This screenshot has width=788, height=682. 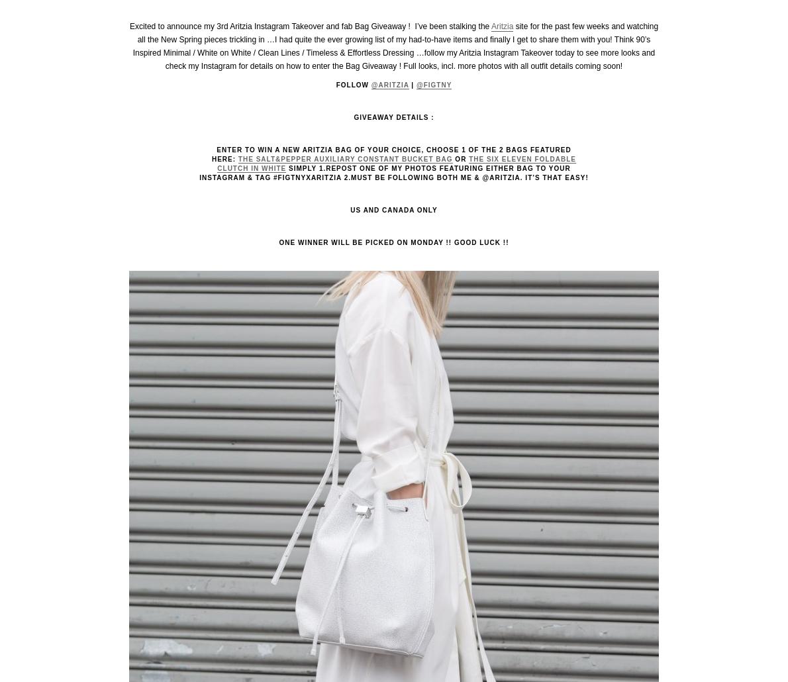 What do you see at coordinates (352, 117) in the screenshot?
I see `'GIVEAWAY DETAILS :'` at bounding box center [352, 117].